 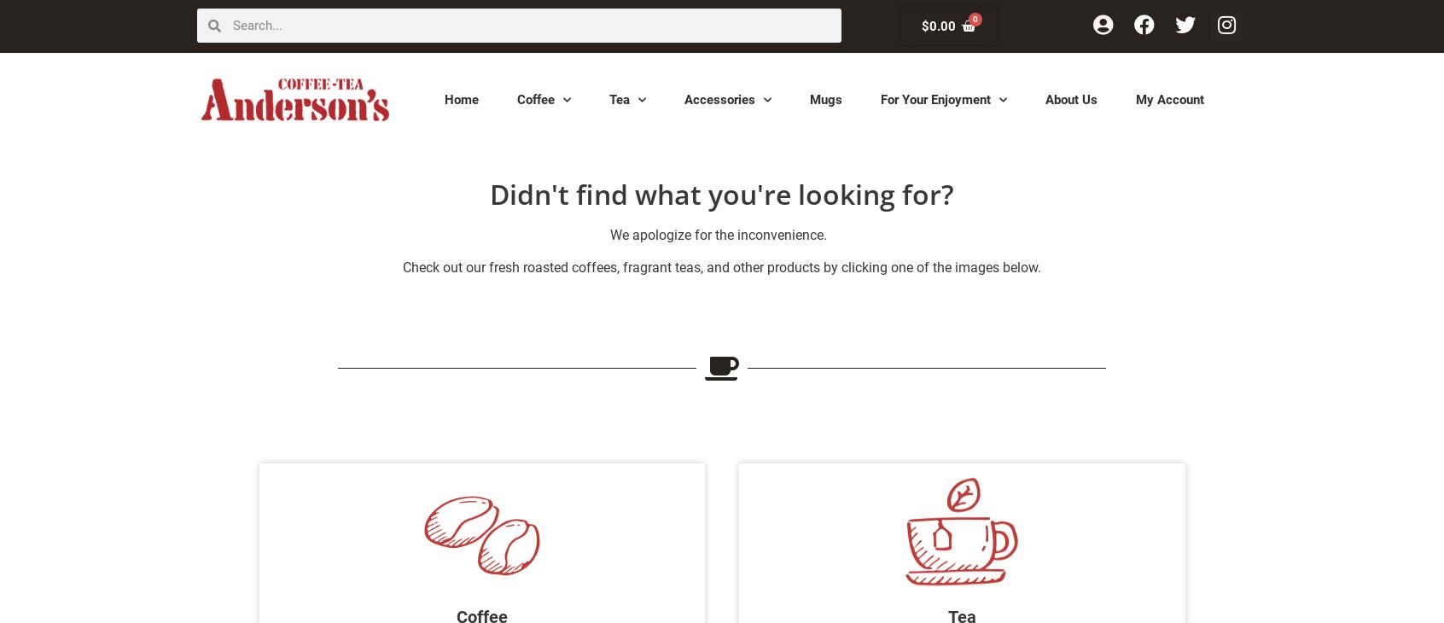 What do you see at coordinates (925, 25) in the screenshot?
I see `'$'` at bounding box center [925, 25].